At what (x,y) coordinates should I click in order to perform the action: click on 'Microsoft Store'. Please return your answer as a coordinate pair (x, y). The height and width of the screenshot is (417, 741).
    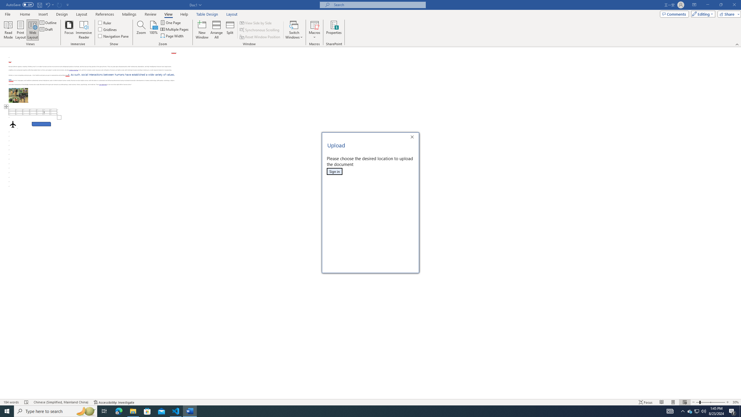
    Looking at the image, I should click on (147, 411).